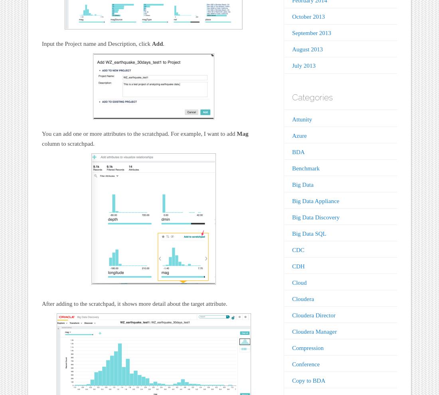 This screenshot has height=395, width=439. Describe the element at coordinates (315, 200) in the screenshot. I see `'Big Data Appliance'` at that location.